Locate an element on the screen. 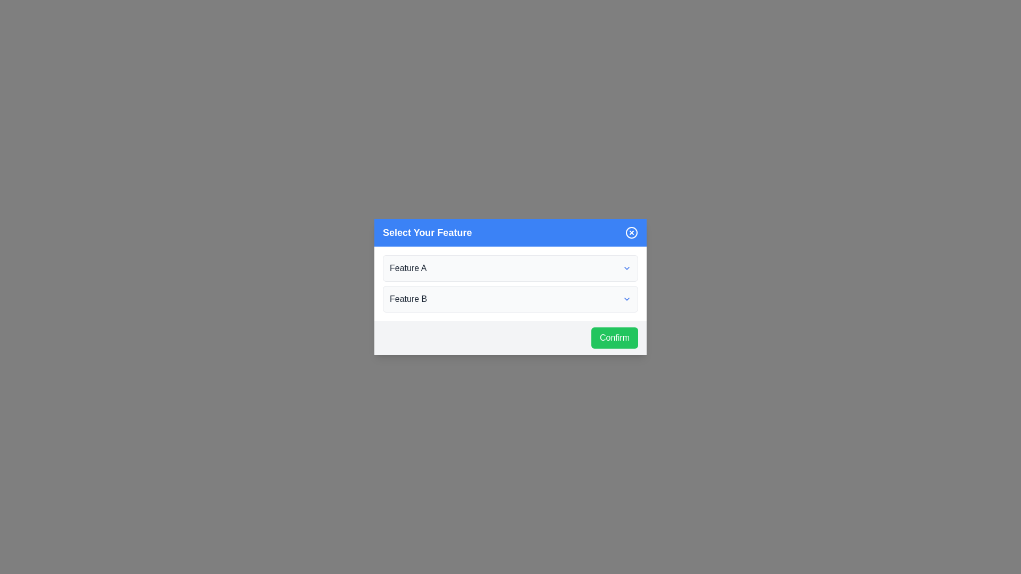 This screenshot has width=1021, height=574. the Text Label that describes a feature within the interface, positioned below the 'Feature A' label and above the green 'Confirm' button is located at coordinates (408, 299).